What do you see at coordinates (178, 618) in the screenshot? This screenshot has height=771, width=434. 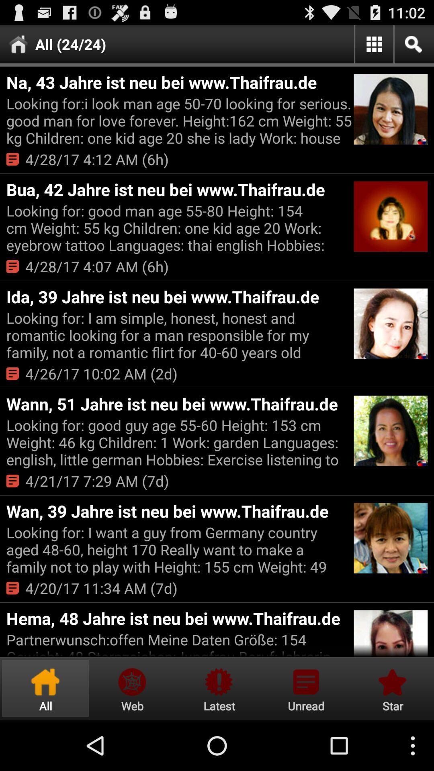 I see `the hema 48 jahre item` at bounding box center [178, 618].